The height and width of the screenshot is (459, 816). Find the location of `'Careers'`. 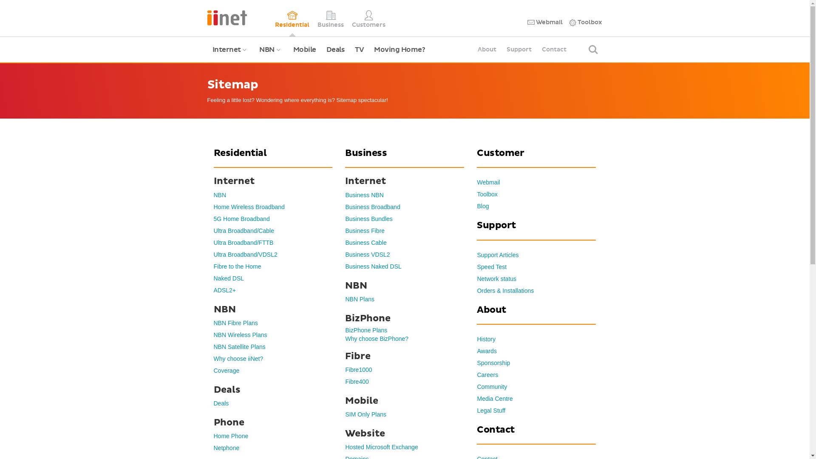

'Careers' is located at coordinates (487, 374).